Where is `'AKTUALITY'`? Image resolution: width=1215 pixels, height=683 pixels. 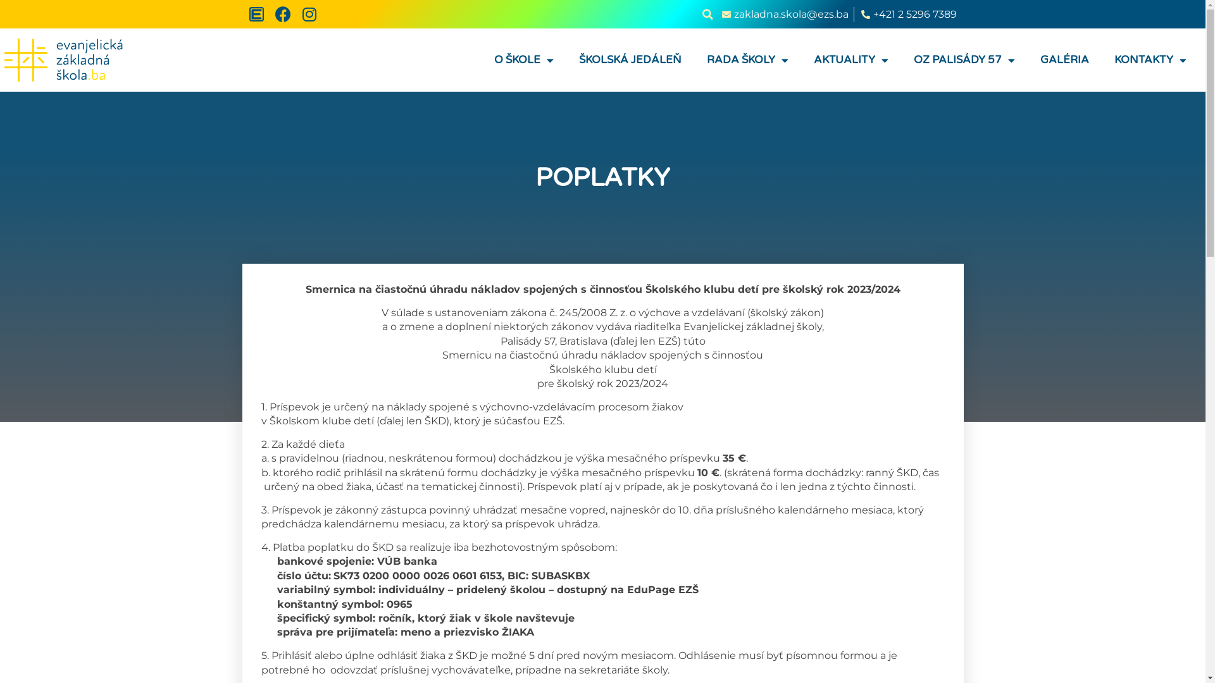
'AKTUALITY' is located at coordinates (850, 60).